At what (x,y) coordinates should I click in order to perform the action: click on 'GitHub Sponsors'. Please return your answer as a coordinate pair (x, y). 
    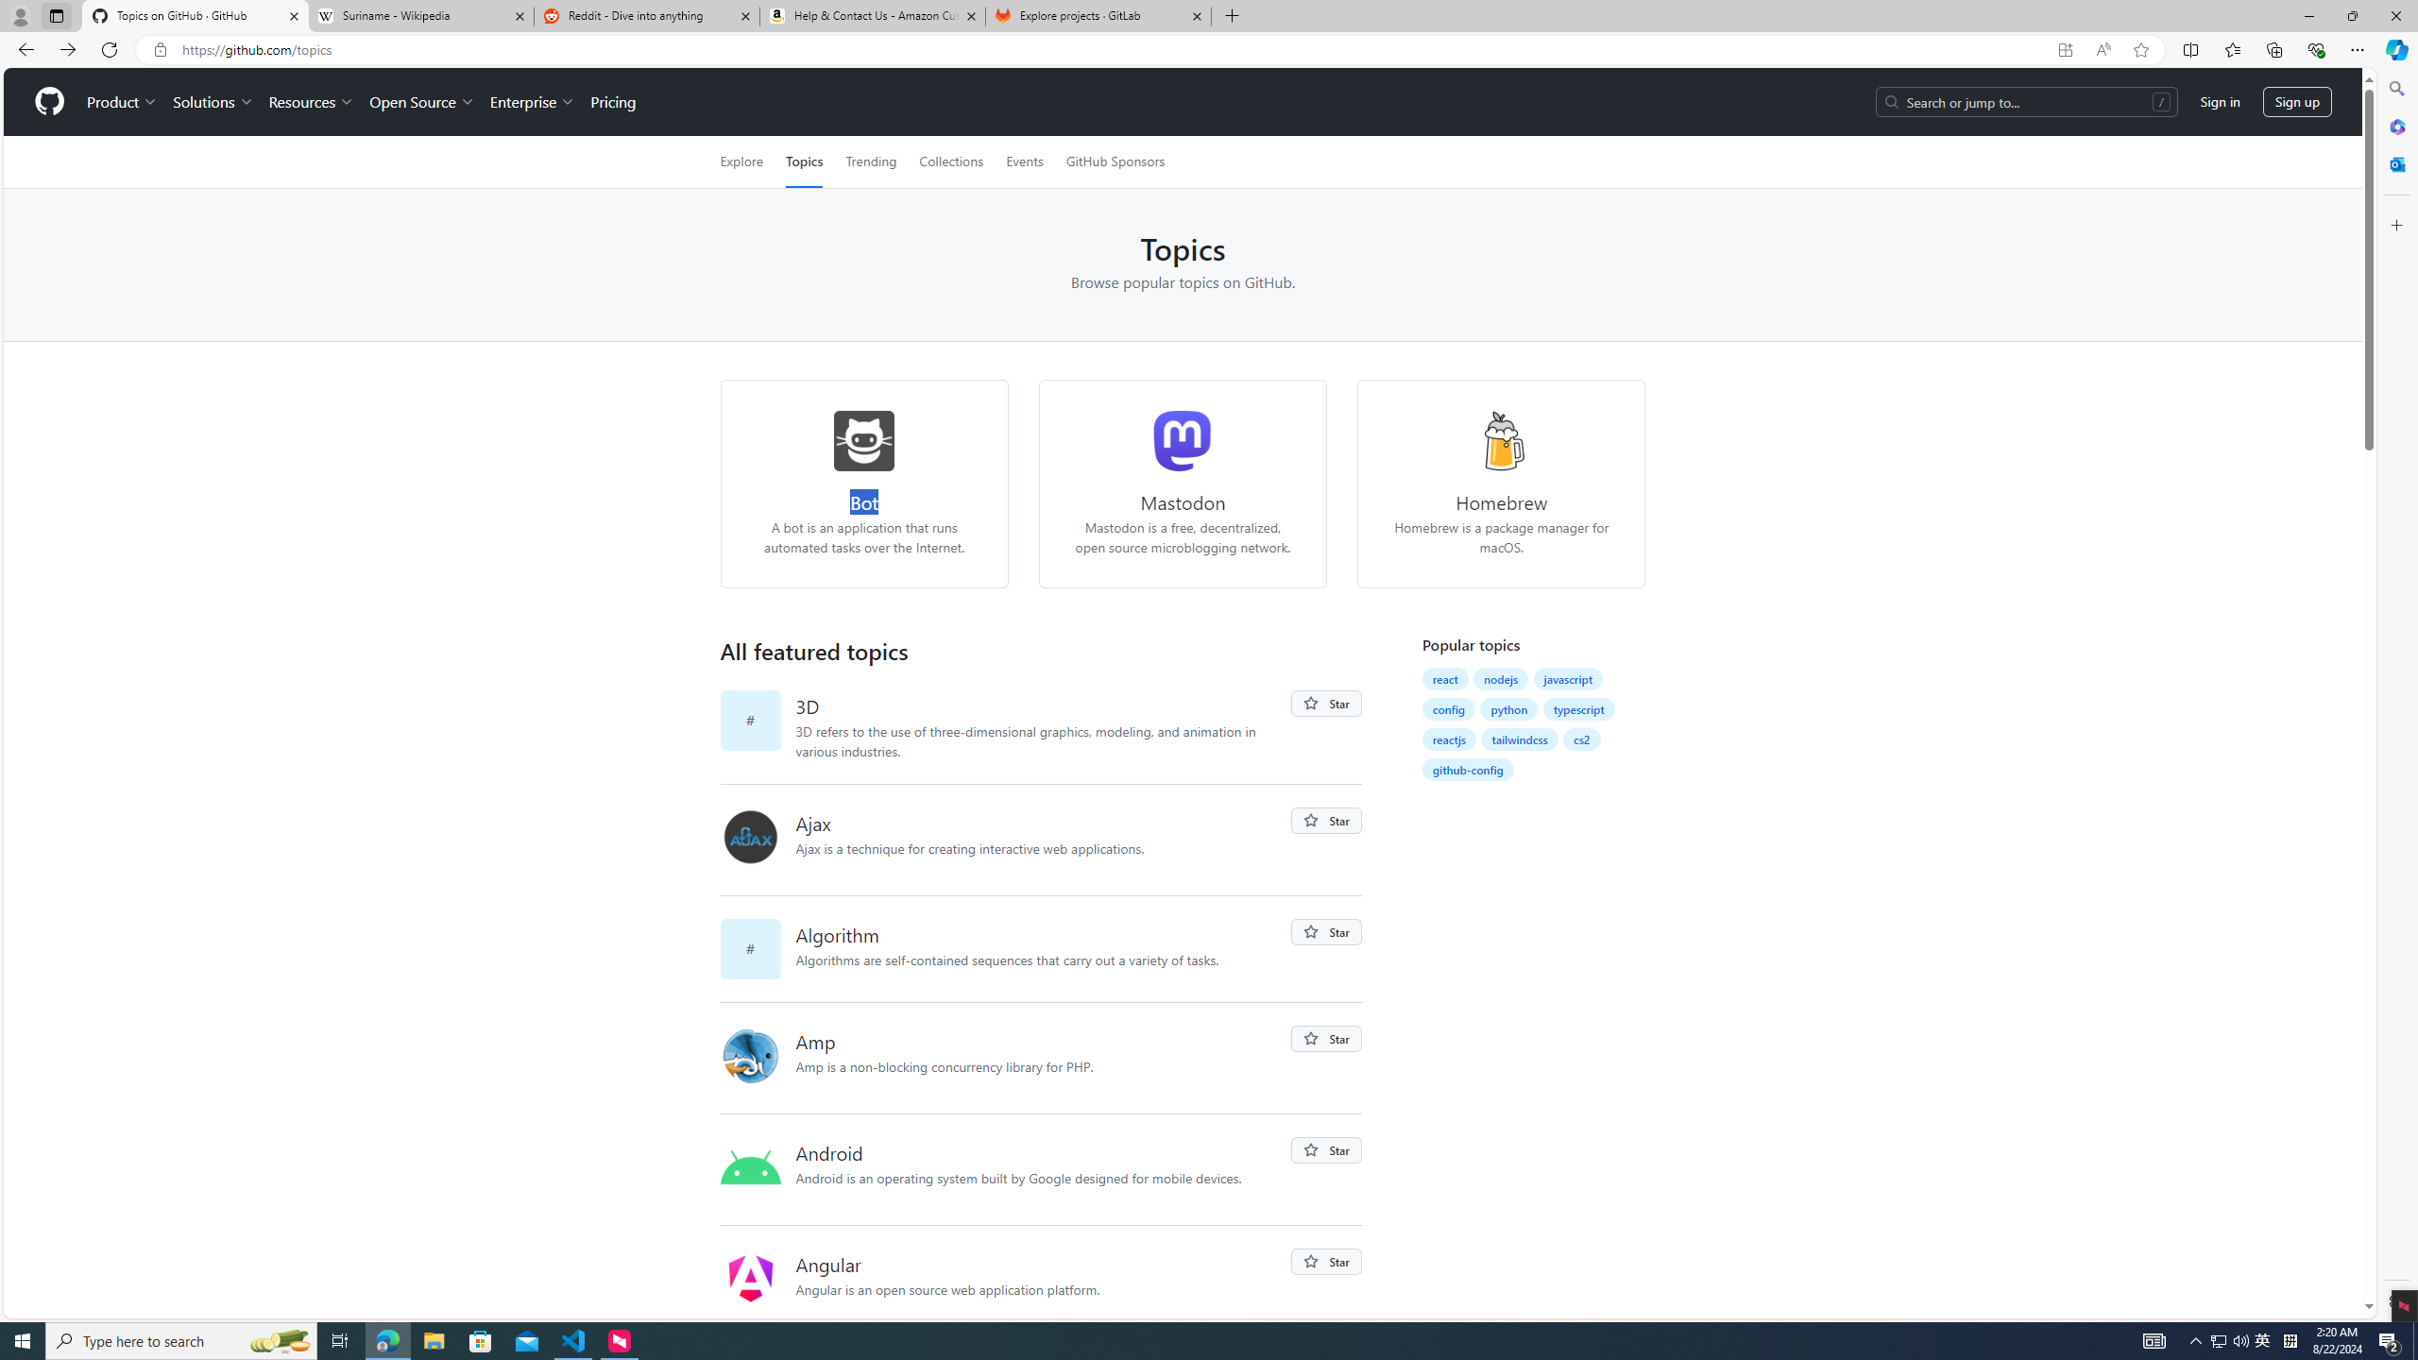
    Looking at the image, I should click on (1115, 161).